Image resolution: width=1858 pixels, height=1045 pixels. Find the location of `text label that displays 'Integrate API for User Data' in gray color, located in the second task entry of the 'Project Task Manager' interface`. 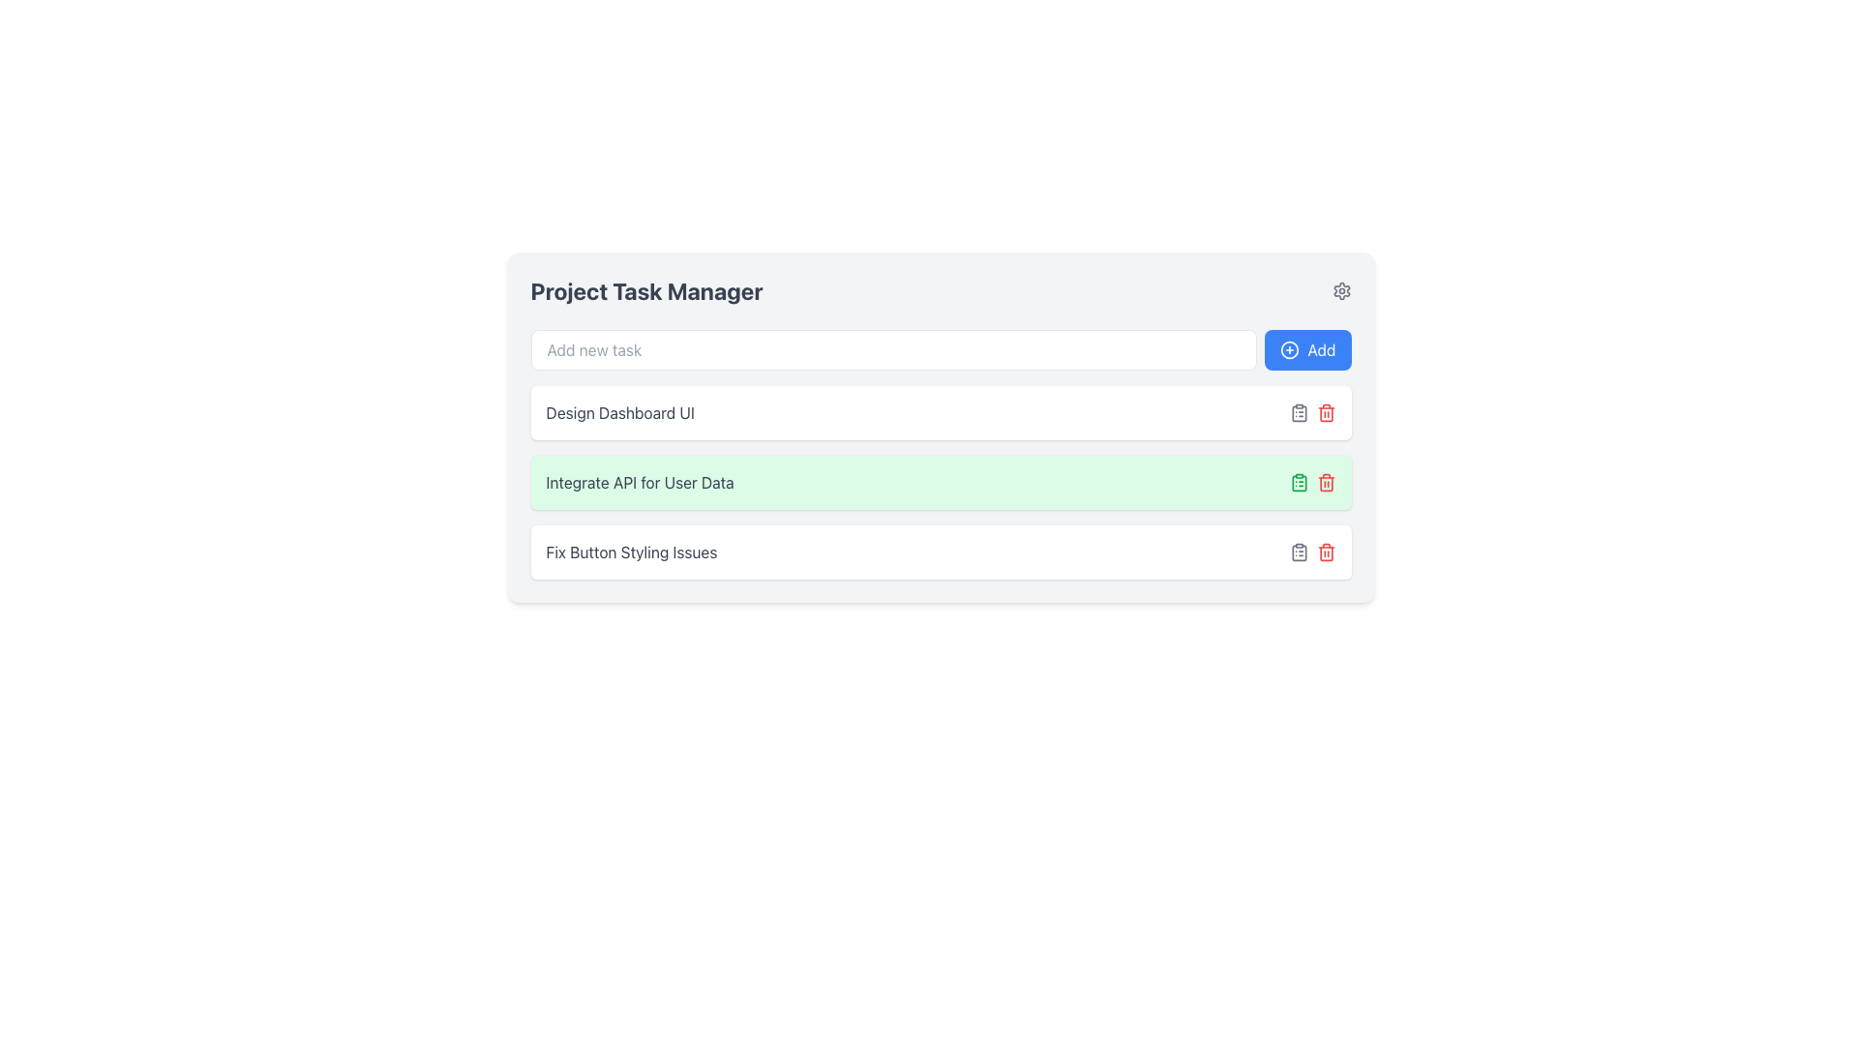

text label that displays 'Integrate API for User Data' in gray color, located in the second task entry of the 'Project Task Manager' interface is located at coordinates (640, 481).